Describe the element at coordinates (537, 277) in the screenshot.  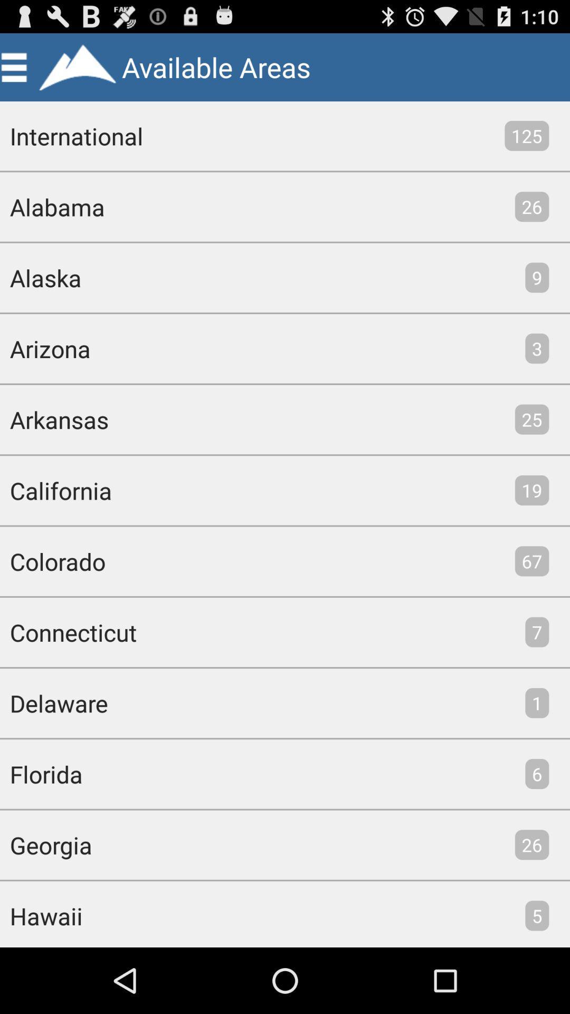
I see `9 icon` at that location.